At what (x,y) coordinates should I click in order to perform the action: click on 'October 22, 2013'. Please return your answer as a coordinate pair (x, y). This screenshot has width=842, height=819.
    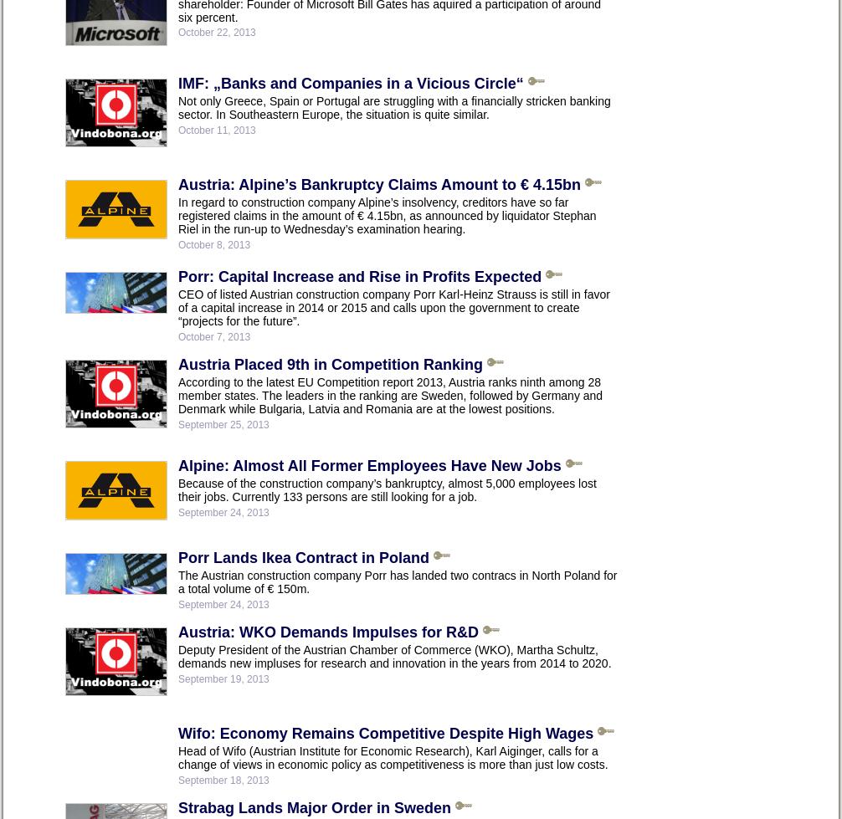
    Looking at the image, I should click on (216, 32).